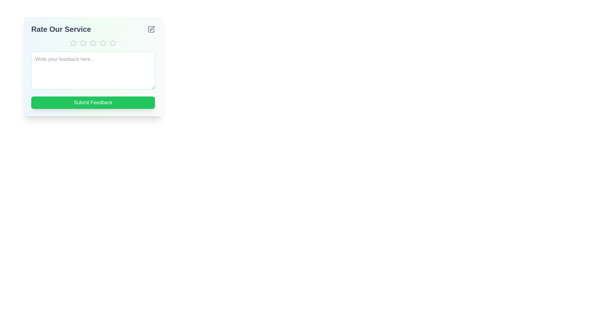  I want to click on submit feedback button, so click(93, 102).